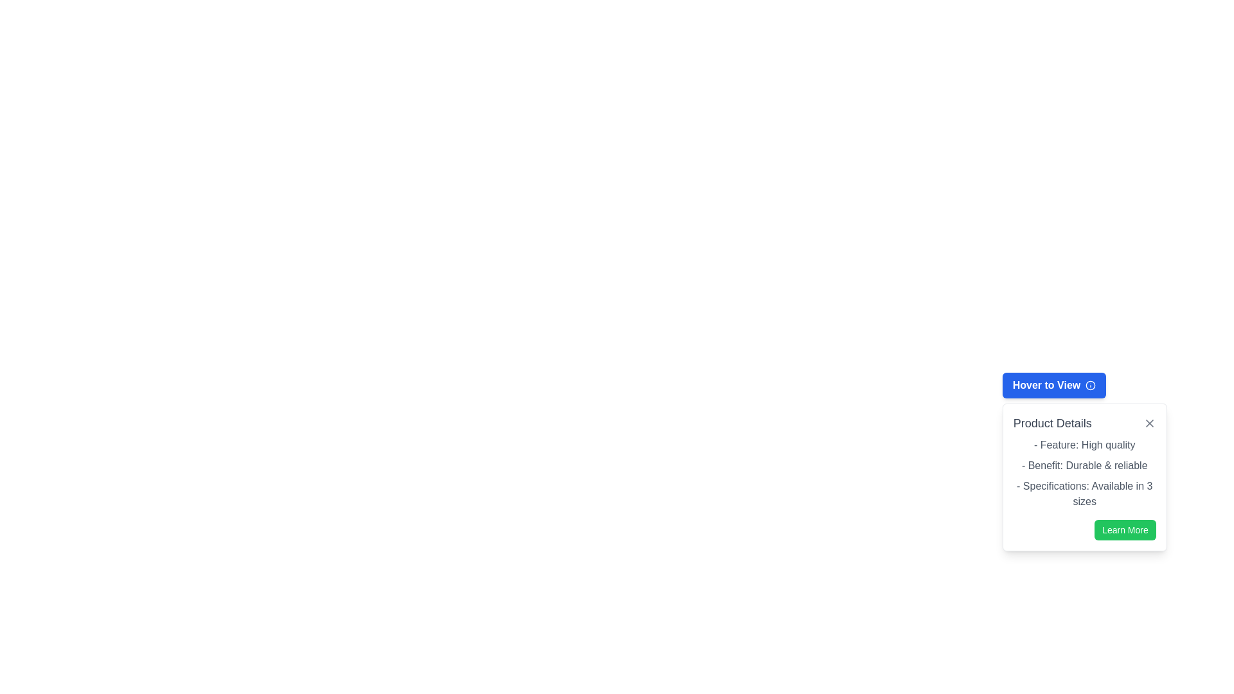 The height and width of the screenshot is (694, 1234). What do you see at coordinates (1090, 385) in the screenshot?
I see `the informational icon located on the right side of the blue button labeled 'Hover` at bounding box center [1090, 385].